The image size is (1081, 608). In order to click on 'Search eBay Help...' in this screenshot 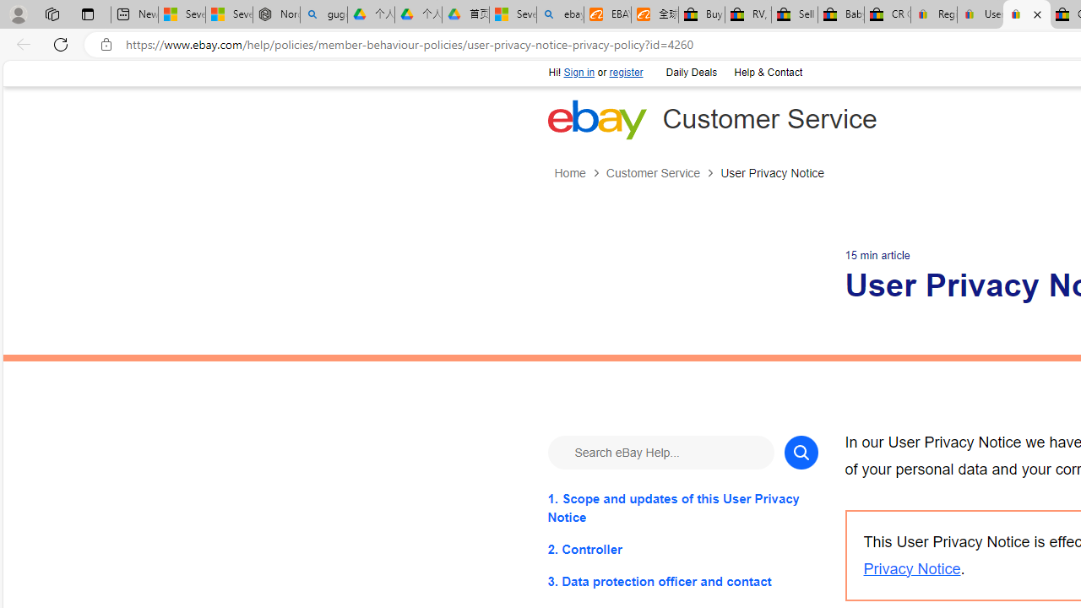, I will do `click(660, 451)`.